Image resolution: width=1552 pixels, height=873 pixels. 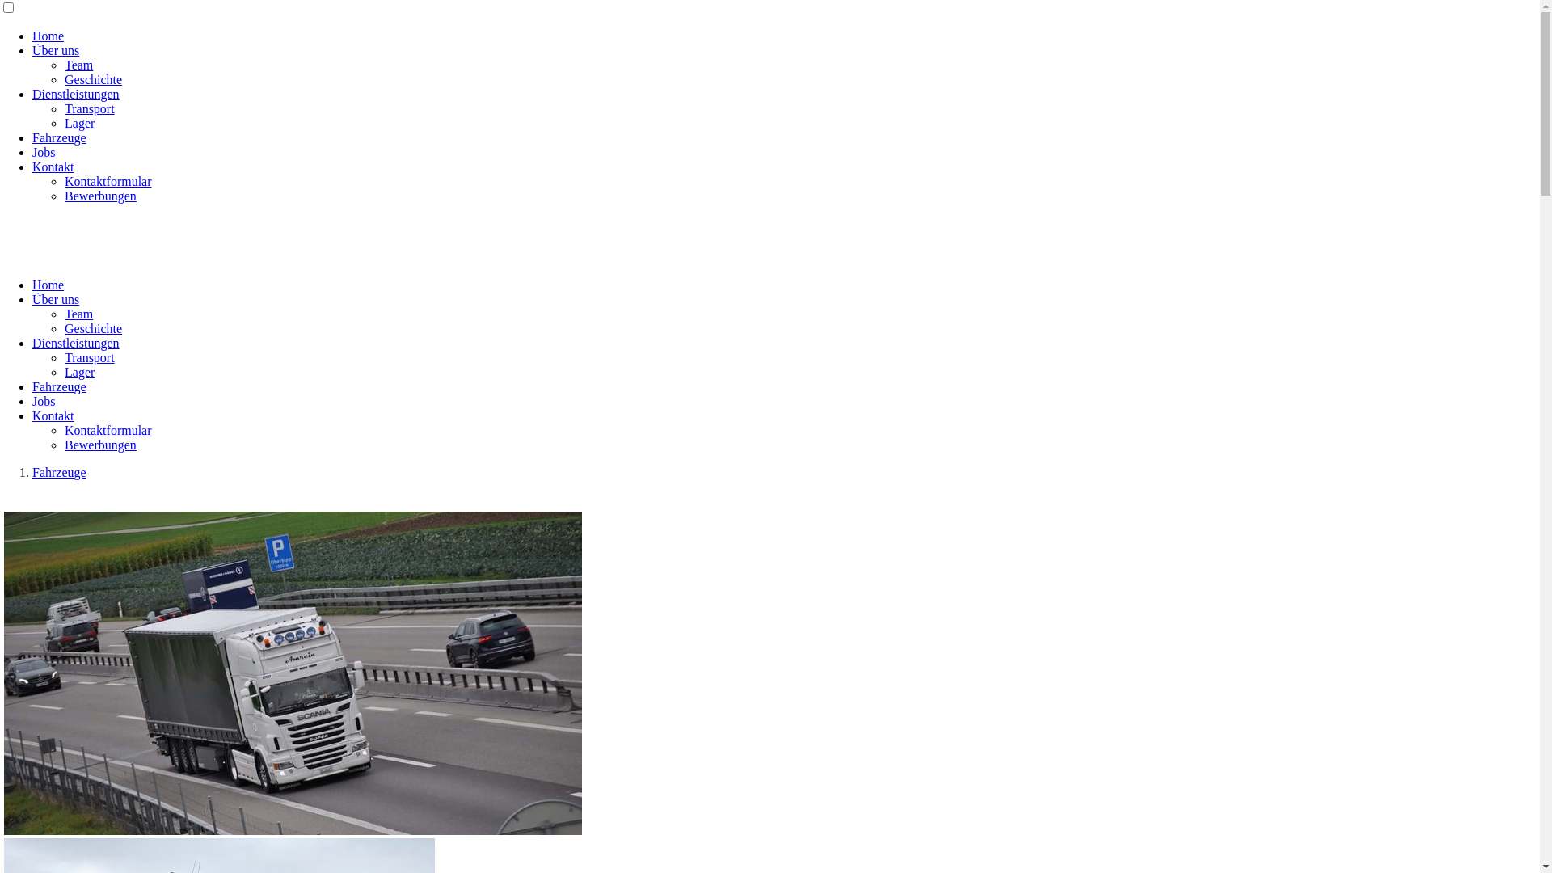 I want to click on 'Kontakt', so click(x=32, y=167).